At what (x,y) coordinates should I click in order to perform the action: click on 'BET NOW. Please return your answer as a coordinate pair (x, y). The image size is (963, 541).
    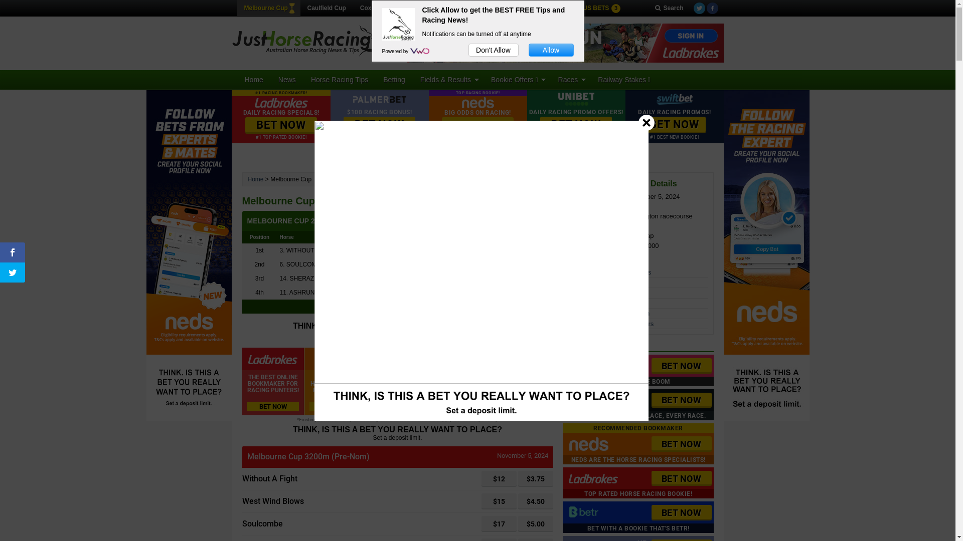
    Looking at the image, I should click on (637, 517).